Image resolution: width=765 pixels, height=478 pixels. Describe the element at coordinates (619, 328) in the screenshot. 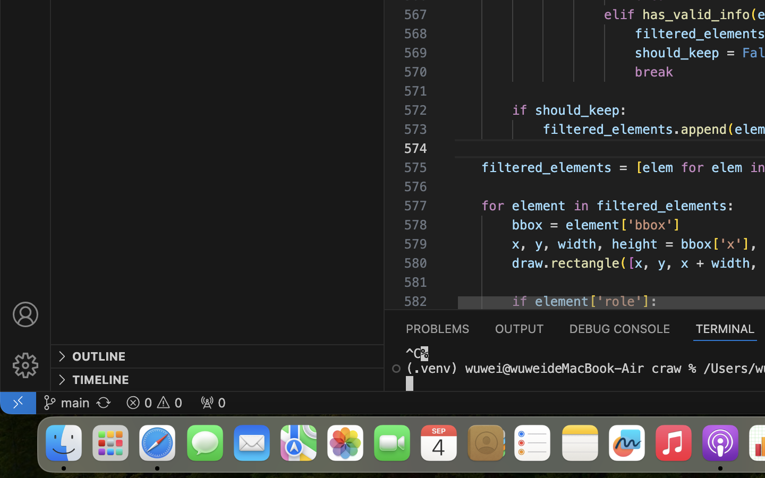

I see `'0 DEBUG CONSOLE'` at that location.